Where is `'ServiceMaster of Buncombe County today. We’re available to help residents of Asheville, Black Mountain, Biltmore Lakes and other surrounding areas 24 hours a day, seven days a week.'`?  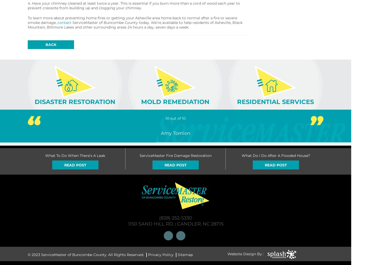 'ServiceMaster of Buncombe County today. We’re available to help residents of Asheville, Black Mountain, Biltmore Lakes and other surrounding areas 24 hours a day, seven days a week.' is located at coordinates (135, 25).